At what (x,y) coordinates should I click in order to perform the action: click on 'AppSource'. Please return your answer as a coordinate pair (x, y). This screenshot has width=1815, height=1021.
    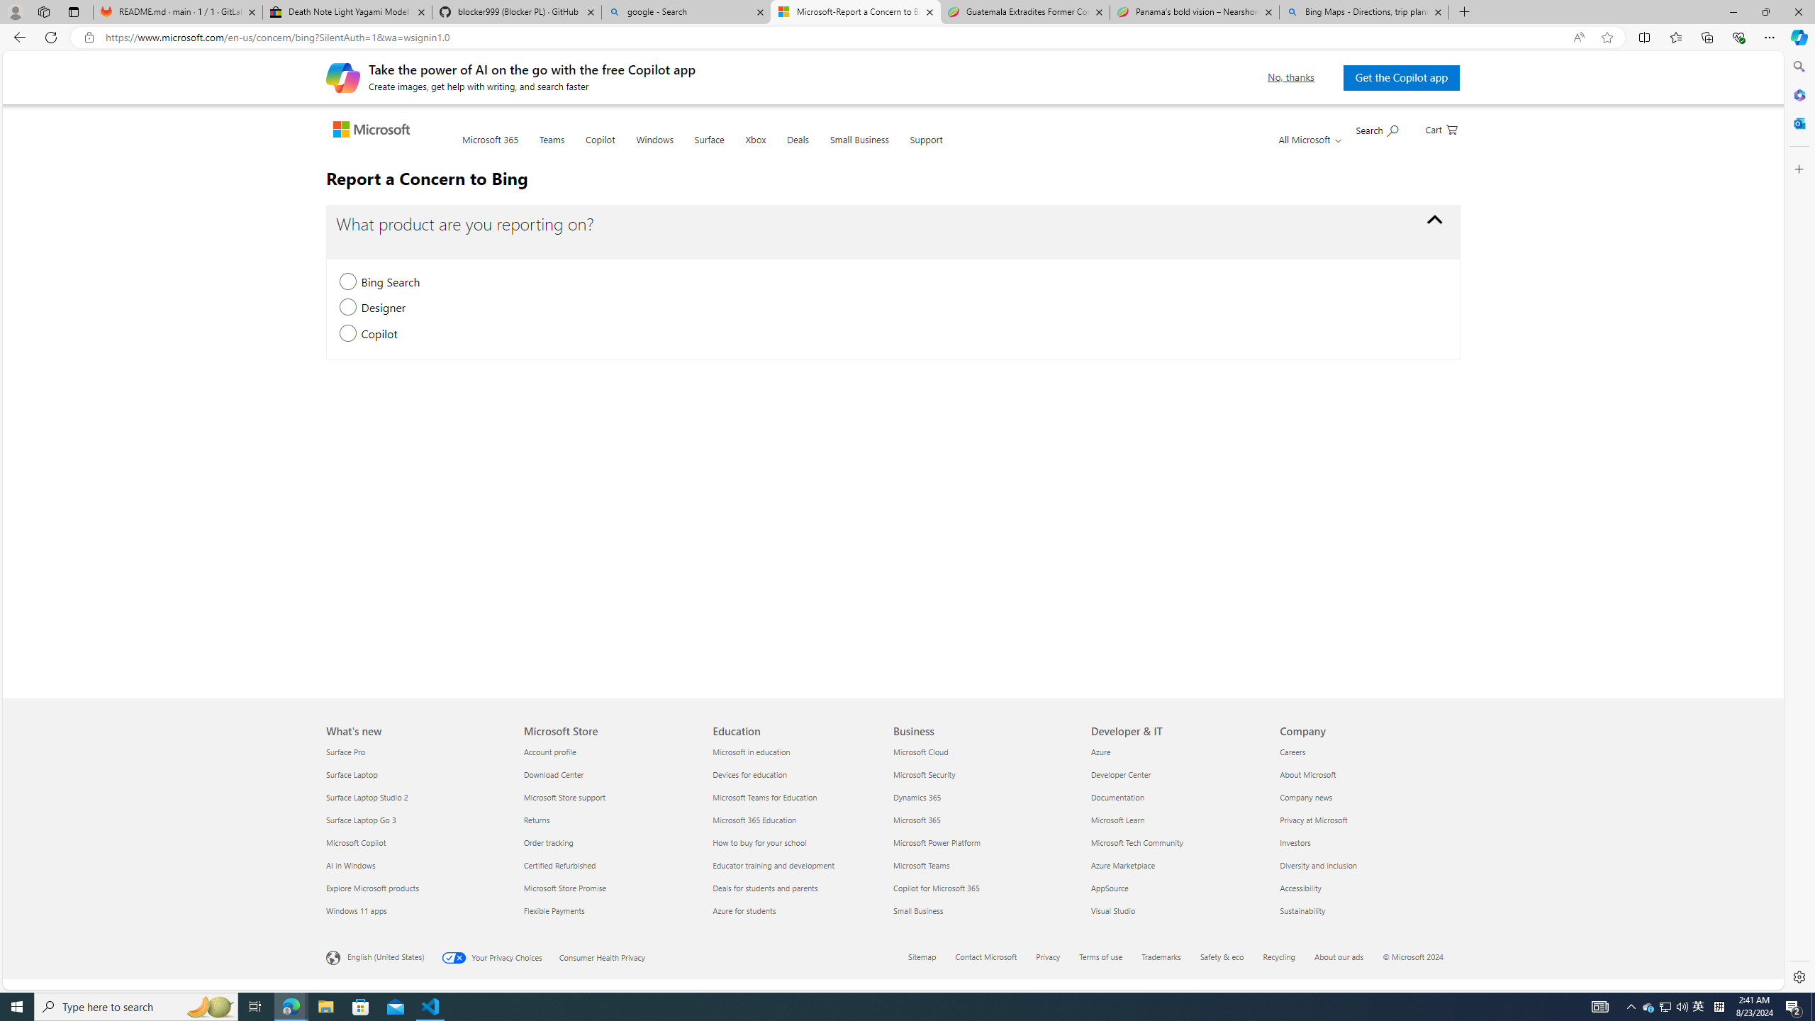
    Looking at the image, I should click on (1176, 888).